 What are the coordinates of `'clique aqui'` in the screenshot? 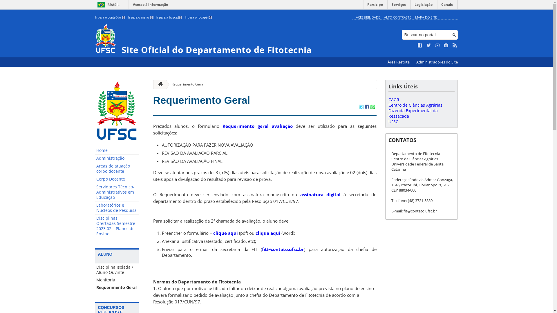 It's located at (267, 232).